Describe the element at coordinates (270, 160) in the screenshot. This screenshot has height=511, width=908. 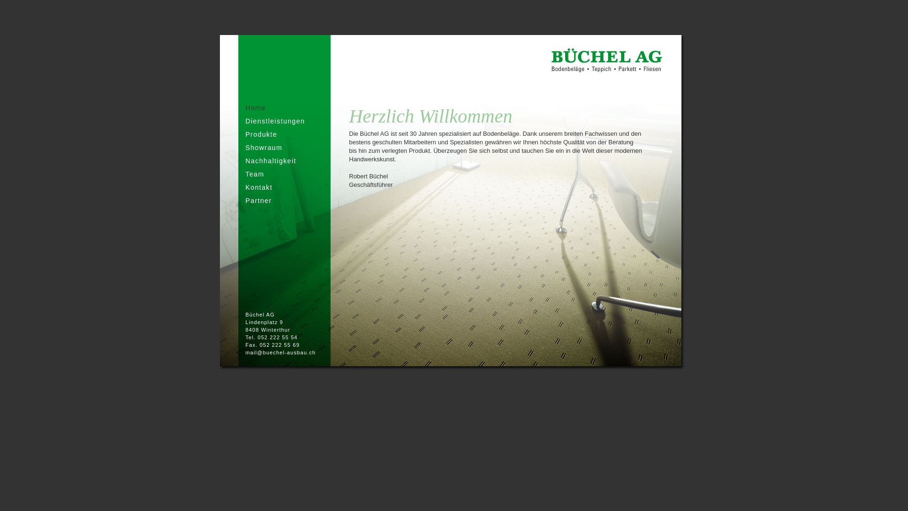
I see `'Nachhaltigkeit'` at that location.